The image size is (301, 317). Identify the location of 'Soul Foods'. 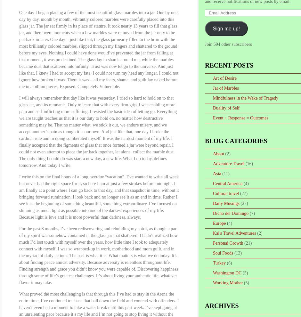
(223, 253).